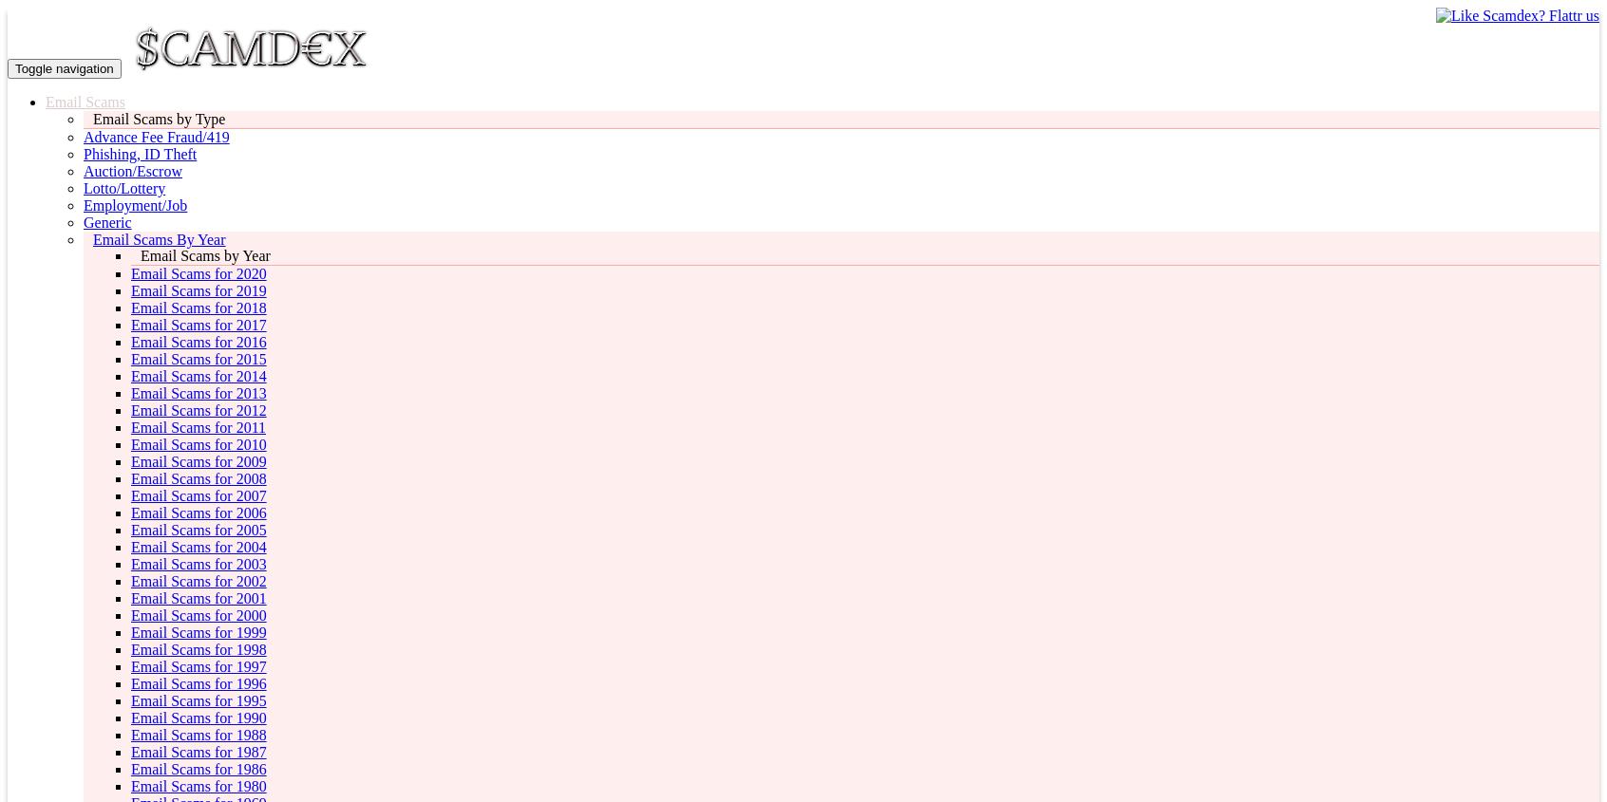  What do you see at coordinates (131, 444) in the screenshot?
I see `'Email Scams for 2010'` at bounding box center [131, 444].